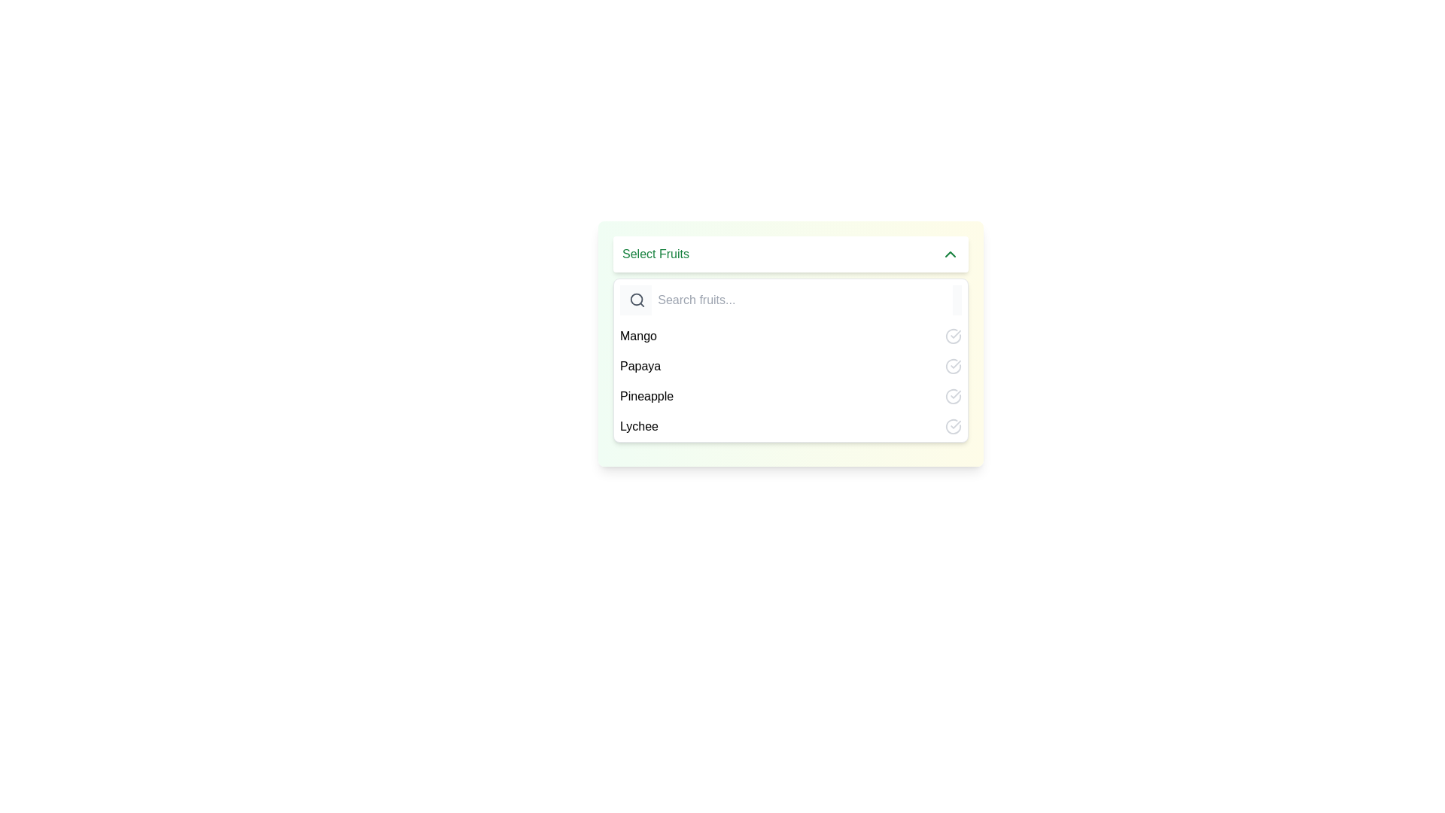  I want to click on the circular shape of the search icon located inside the 'Search fruits...' input field, which is outlined in gray and positioned to the left of the input field, so click(637, 300).